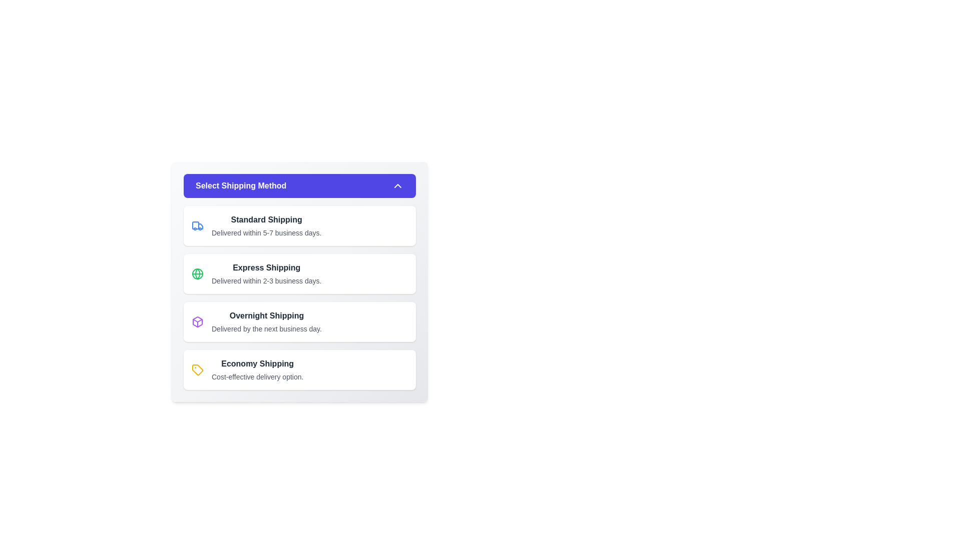  What do you see at coordinates (195, 225) in the screenshot?
I see `the visual icon representing 'Standard Shipping', located to the left of the list item, which visually indicates transportation` at bounding box center [195, 225].